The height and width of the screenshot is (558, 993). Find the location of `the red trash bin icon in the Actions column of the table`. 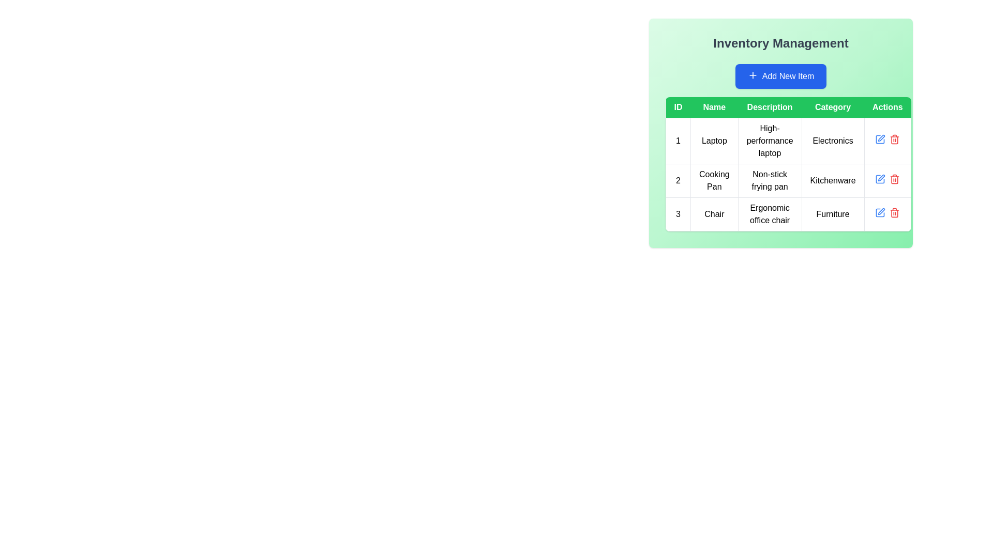

the red trash bin icon in the Actions column of the table is located at coordinates (894, 212).